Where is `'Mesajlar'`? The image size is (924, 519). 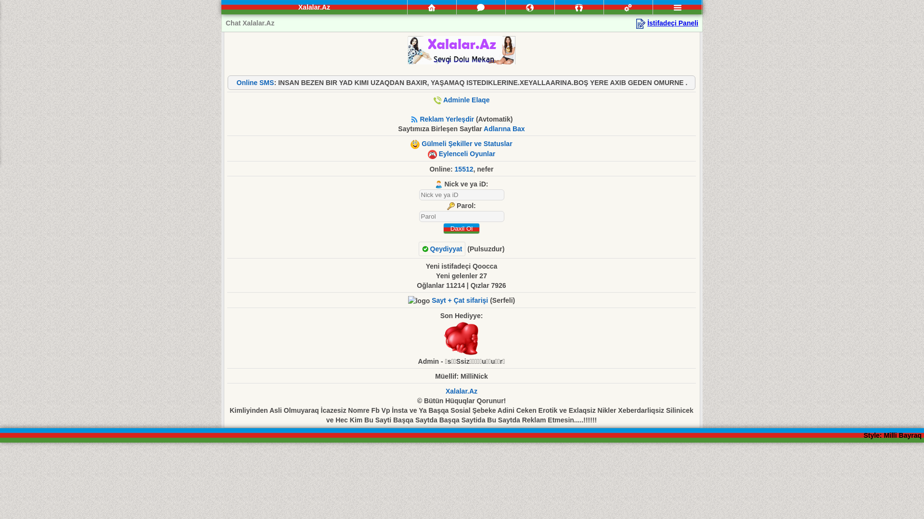 'Mesajlar' is located at coordinates (480, 7).